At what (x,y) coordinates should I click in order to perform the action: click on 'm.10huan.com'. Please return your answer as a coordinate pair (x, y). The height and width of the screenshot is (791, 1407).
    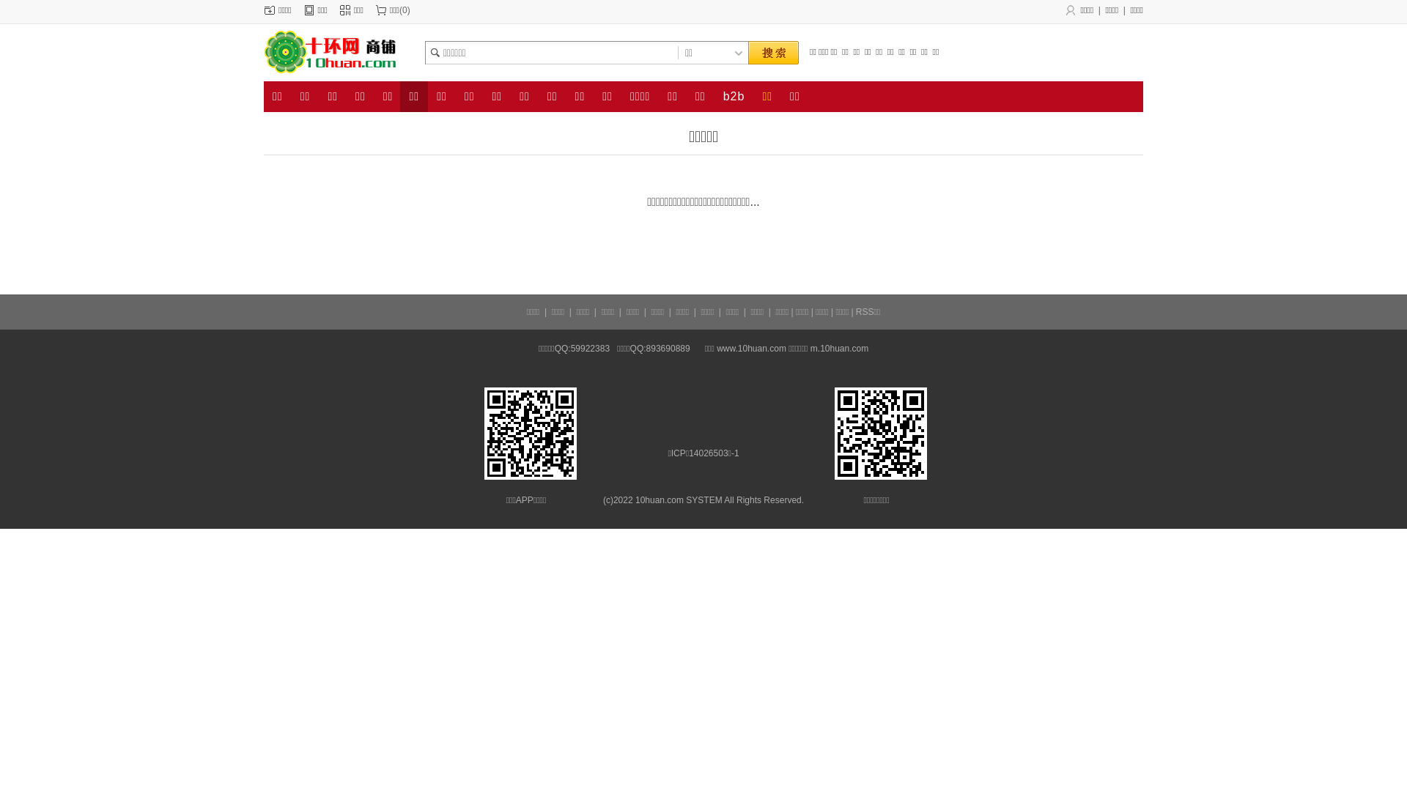
    Looking at the image, I should click on (809, 348).